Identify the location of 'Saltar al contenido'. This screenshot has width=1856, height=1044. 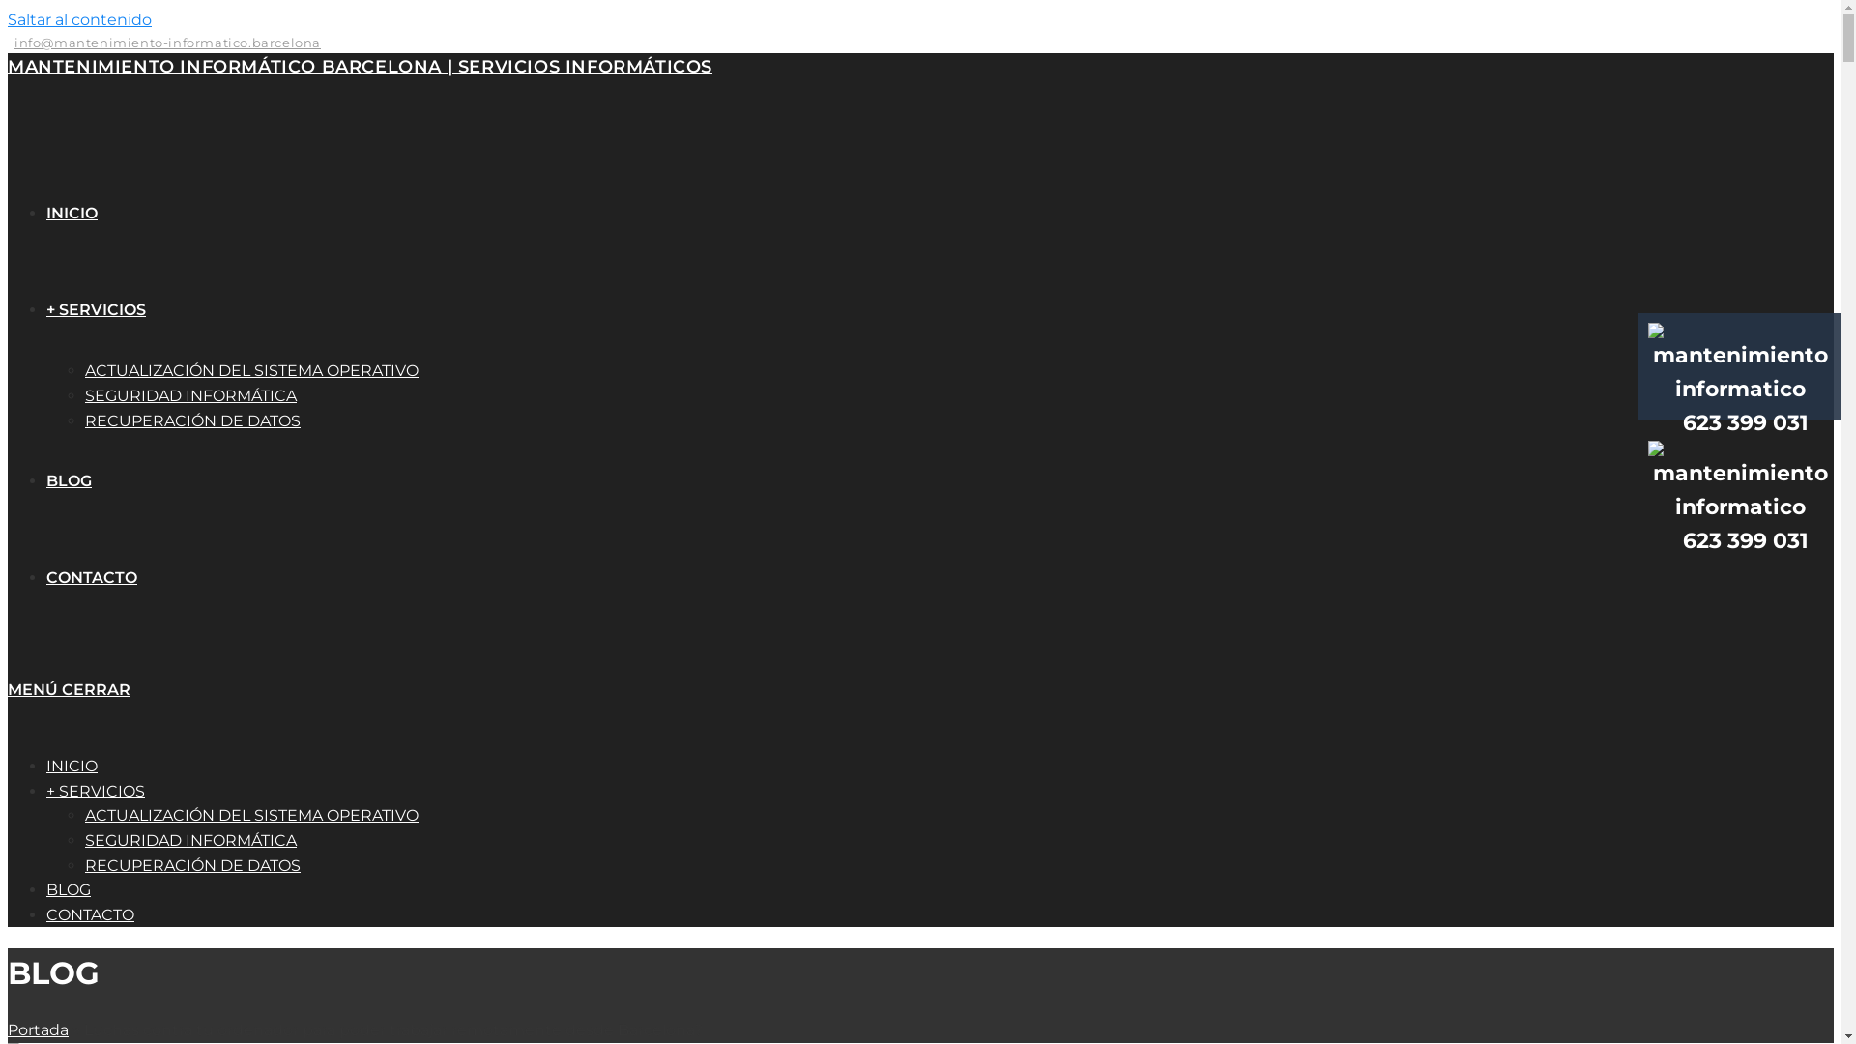
(78, 19).